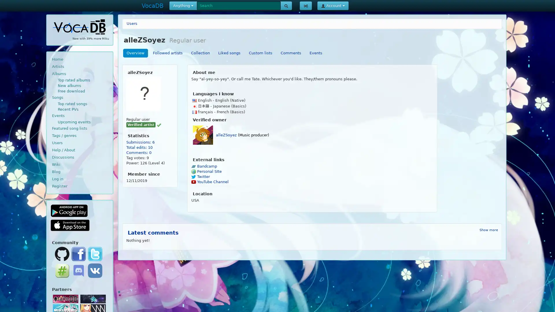  I want to click on Show random page, so click(305, 5).